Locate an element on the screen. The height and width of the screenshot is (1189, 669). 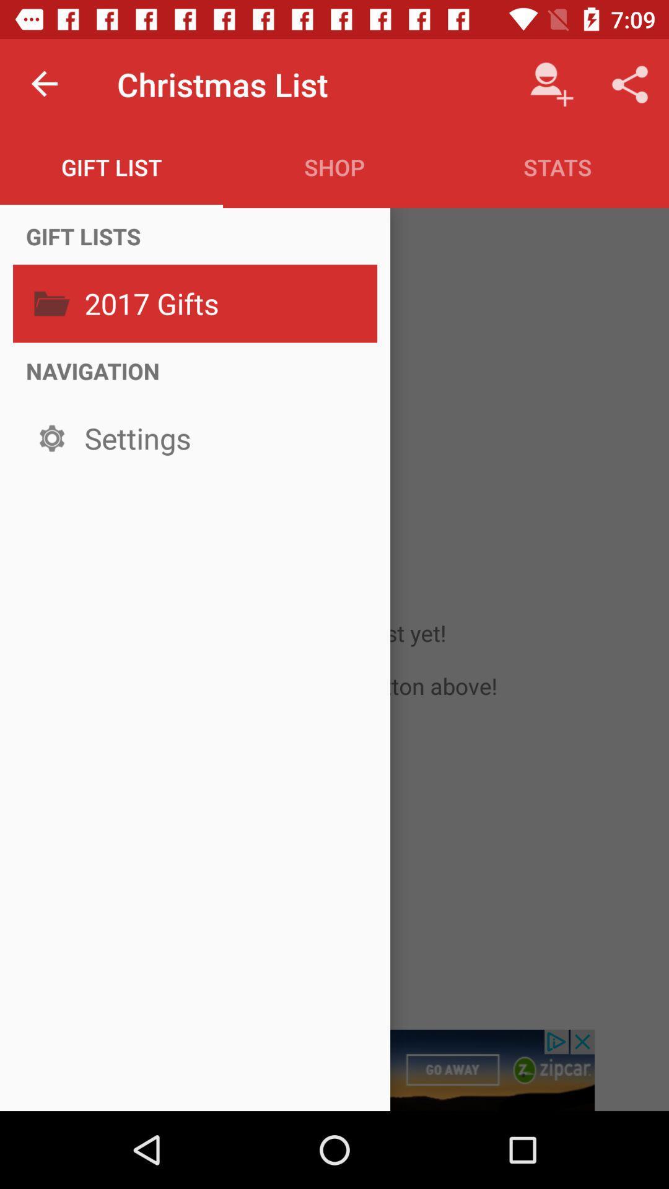
icon to the left of shop item is located at coordinates (111, 167).